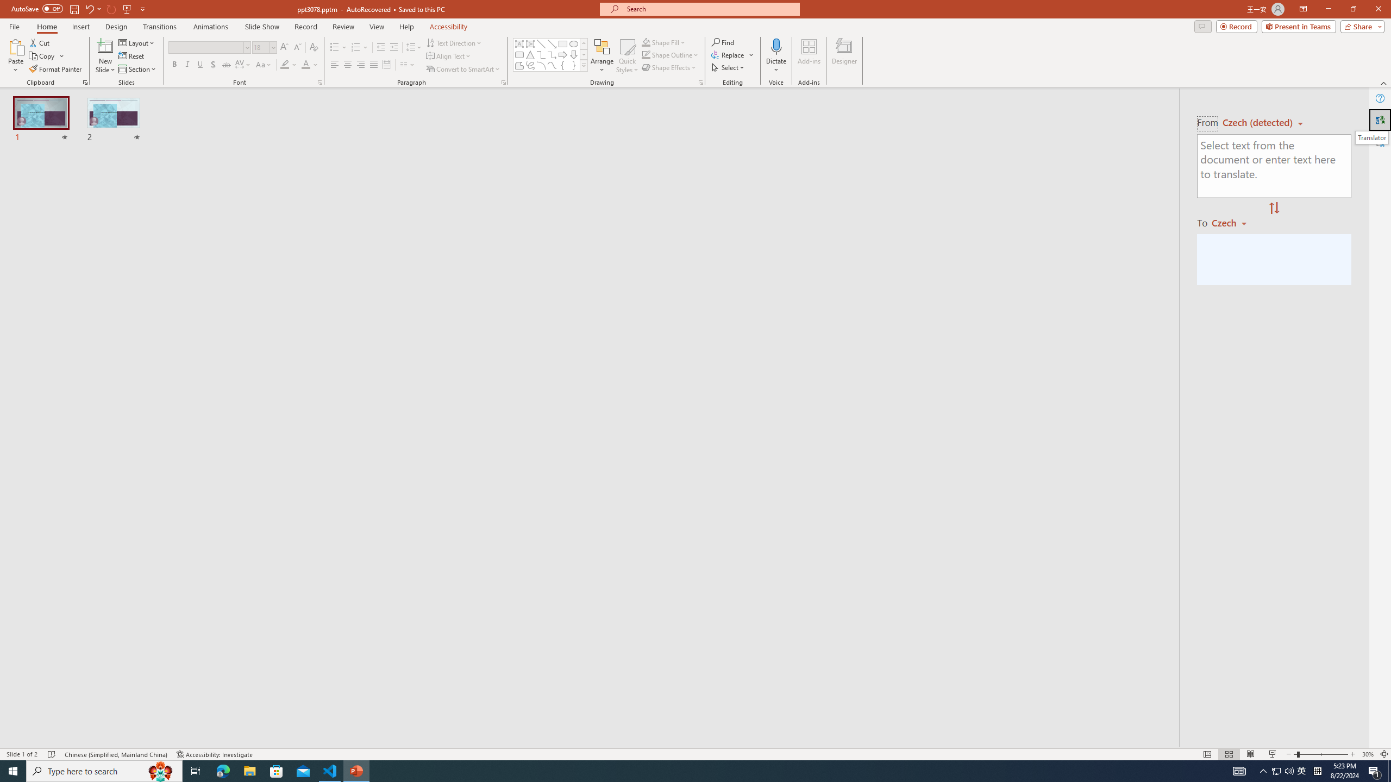  I want to click on 'Font...', so click(319, 81).